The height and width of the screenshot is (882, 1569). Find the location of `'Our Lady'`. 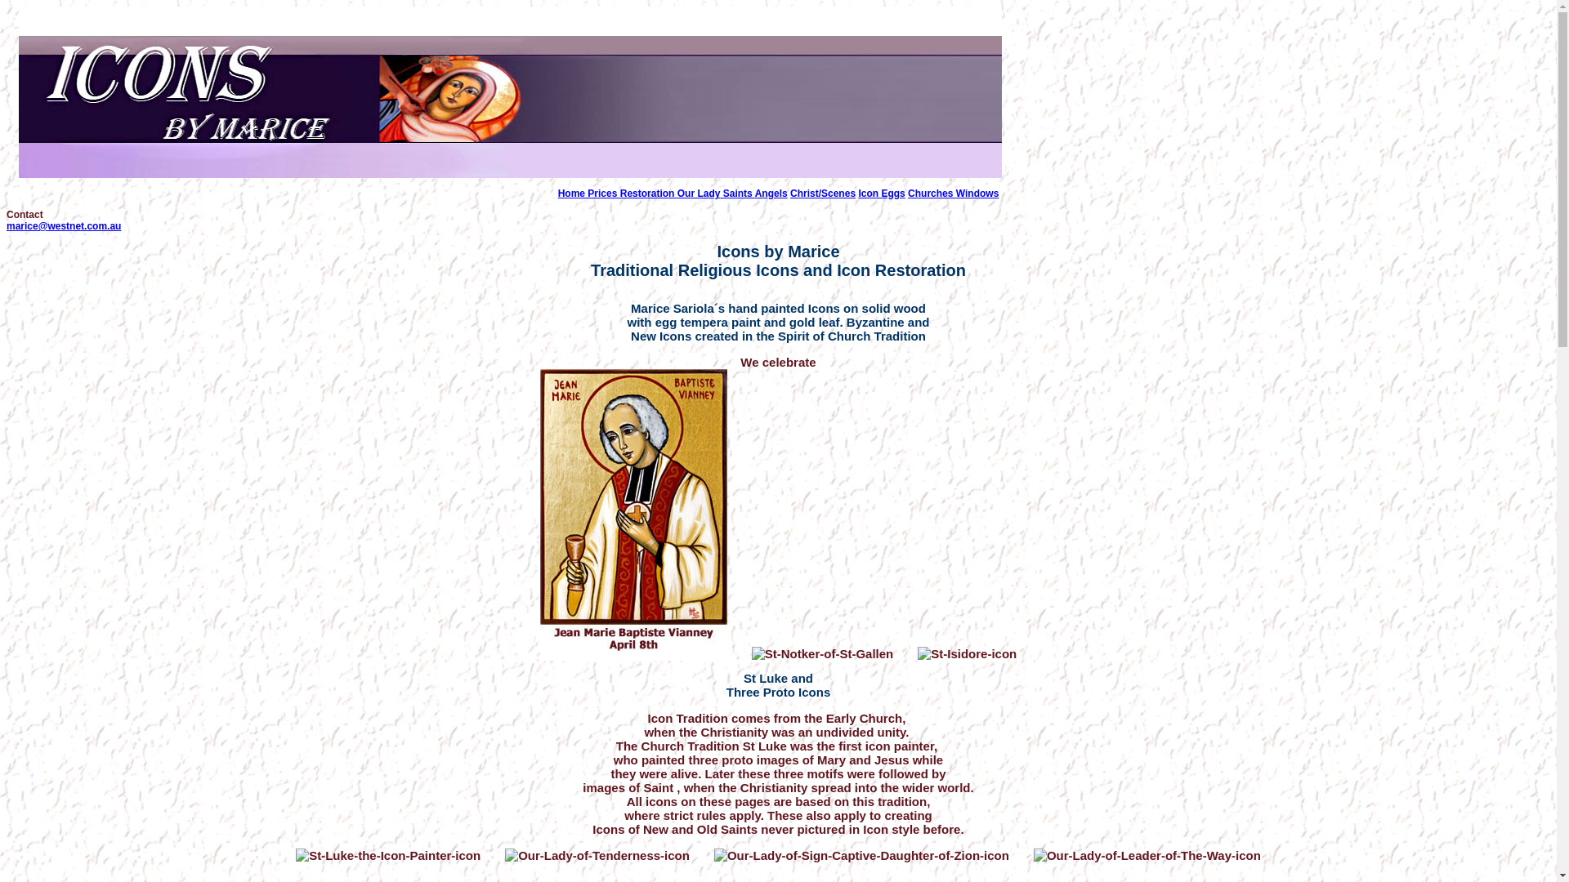

'Our Lady' is located at coordinates (699, 192).